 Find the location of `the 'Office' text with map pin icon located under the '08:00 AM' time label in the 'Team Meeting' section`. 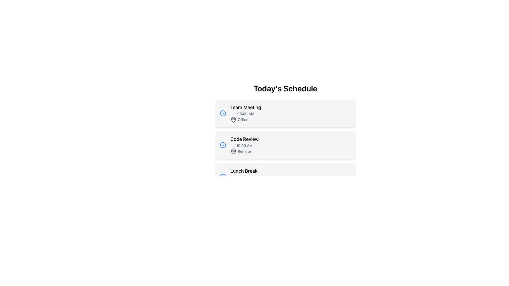

the 'Office' text with map pin icon located under the '08:00 AM' time label in the 'Team Meeting' section is located at coordinates (245, 119).